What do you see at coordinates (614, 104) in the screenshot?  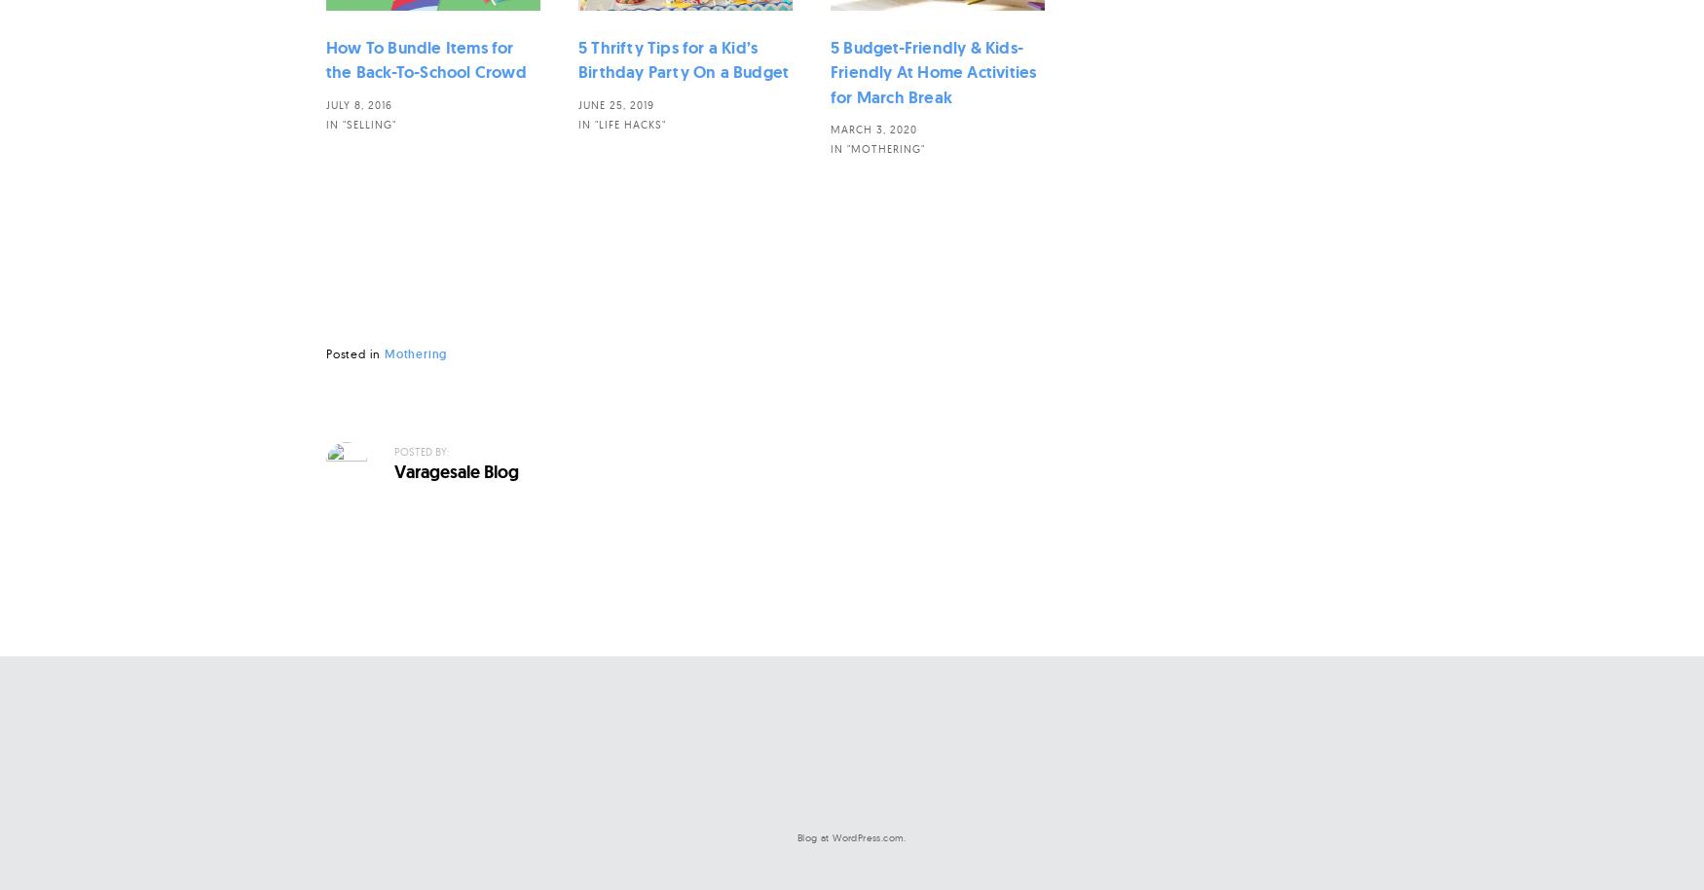 I see `'June 25, 2019'` at bounding box center [614, 104].